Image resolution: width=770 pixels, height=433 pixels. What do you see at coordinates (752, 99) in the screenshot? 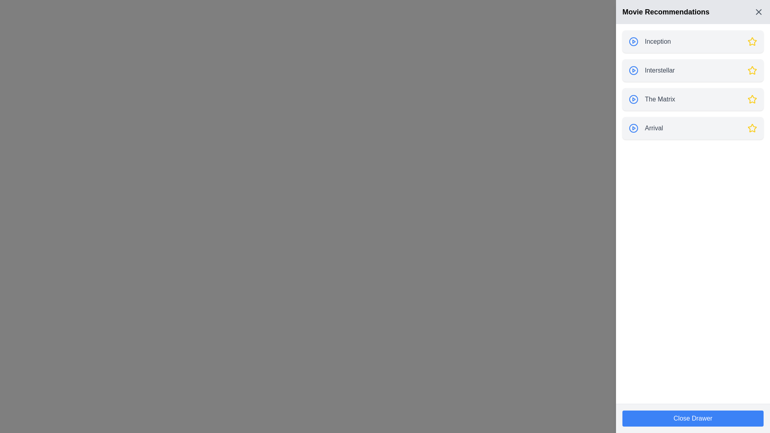
I see `the fourth star icon in the Movie Recommendations sidebar` at bounding box center [752, 99].